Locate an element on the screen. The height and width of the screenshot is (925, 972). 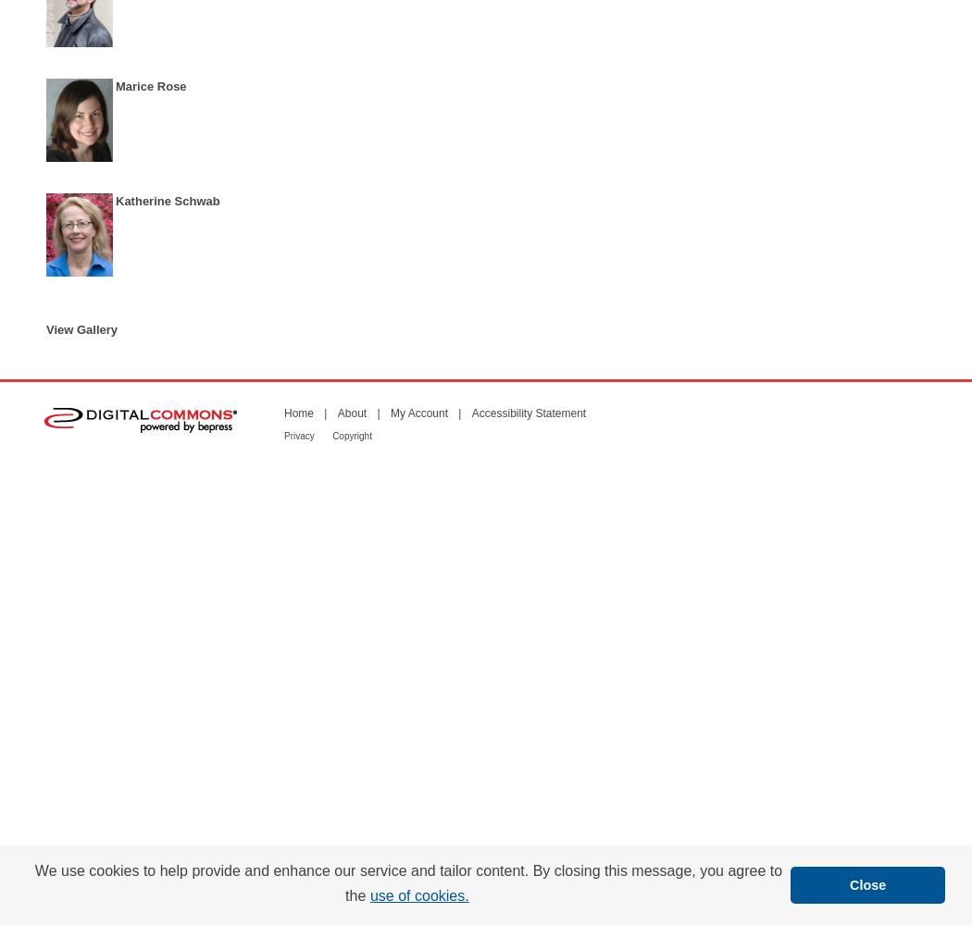
'My Account' is located at coordinates (418, 412).